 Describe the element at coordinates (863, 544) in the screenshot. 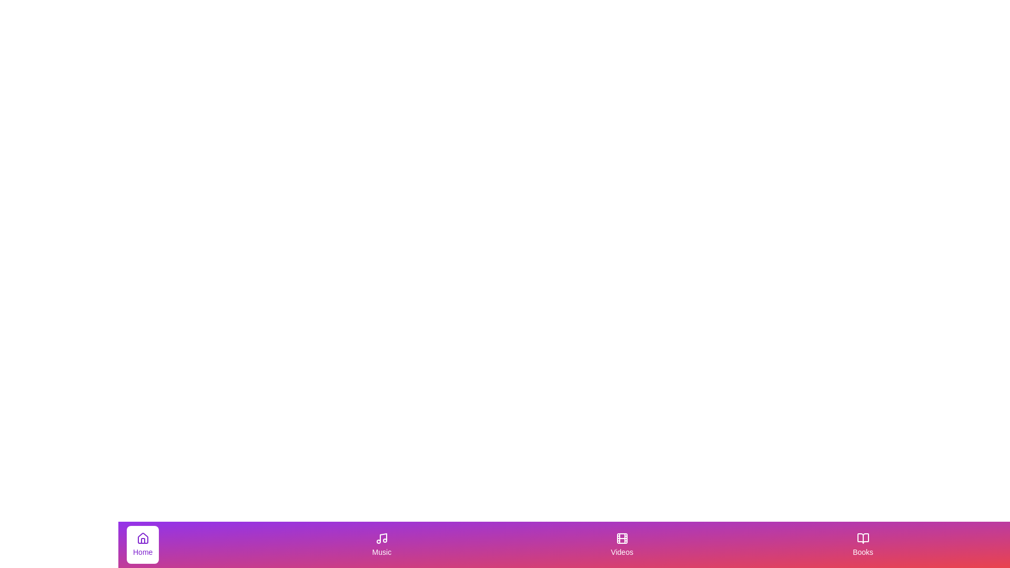

I see `the Books button to switch to the corresponding tab` at that location.